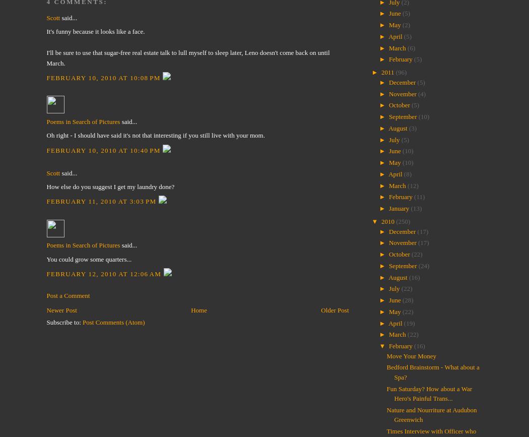 The height and width of the screenshot is (437, 529). What do you see at coordinates (61, 309) in the screenshot?
I see `'Newer Post'` at bounding box center [61, 309].